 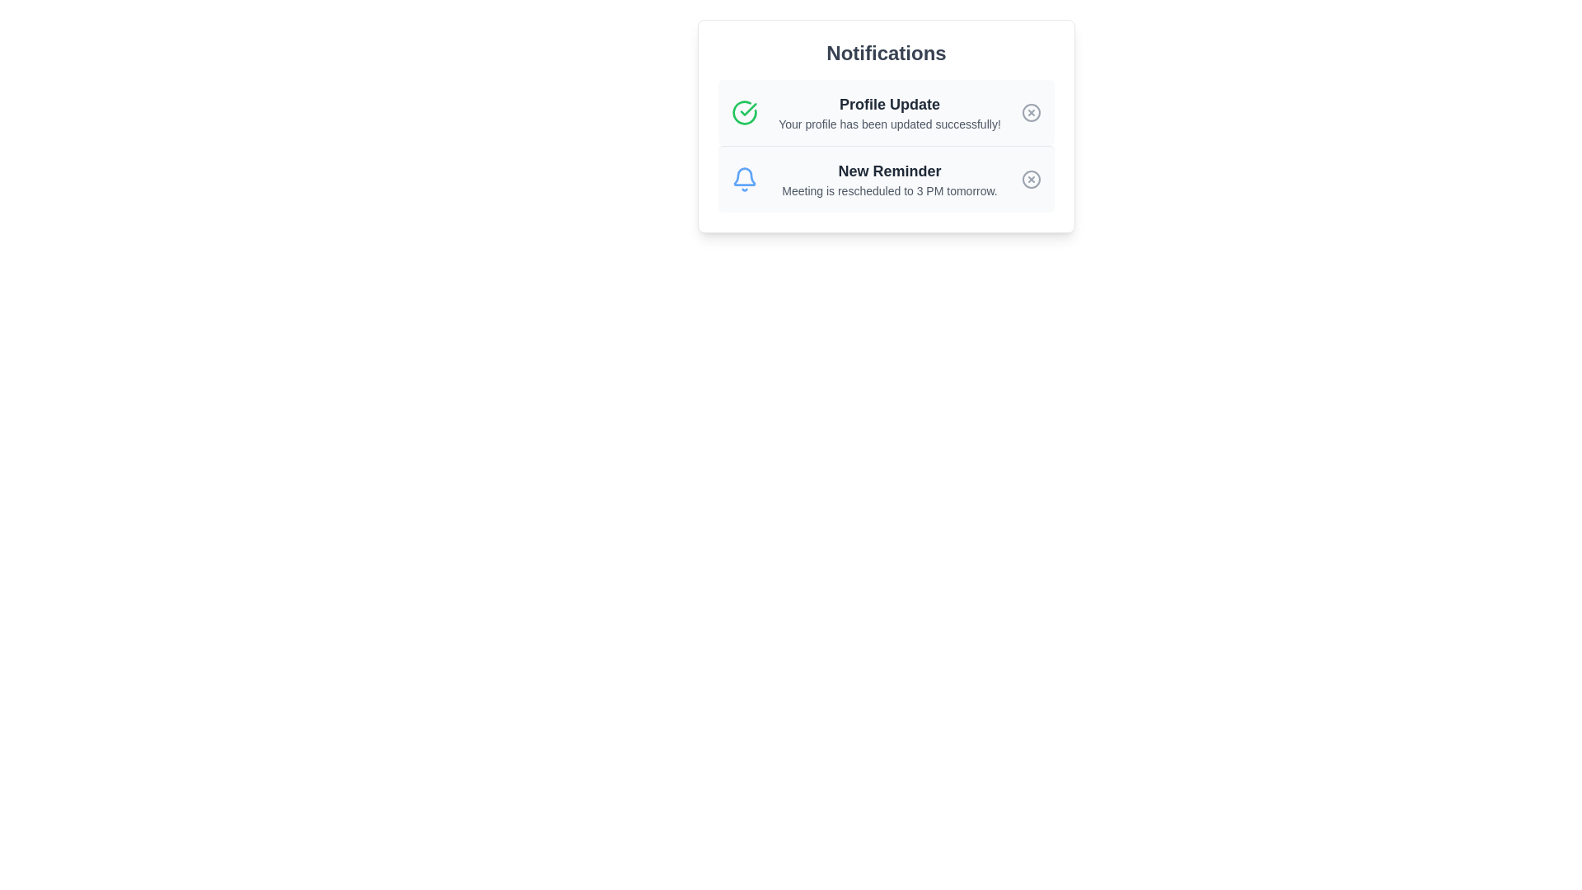 What do you see at coordinates (889, 180) in the screenshot?
I see `text notification that informs the user about an updated schedule for a meeting, located as the second notification in the center of the visible notification box` at bounding box center [889, 180].